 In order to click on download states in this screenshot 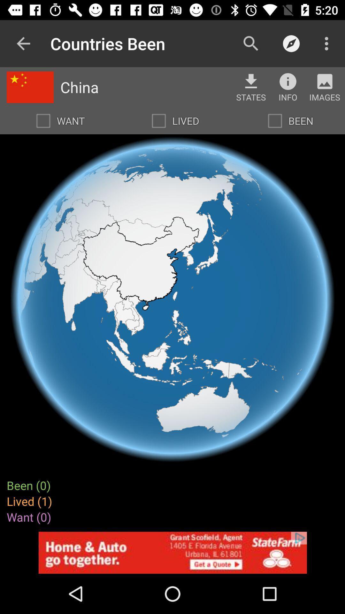, I will do `click(251, 81)`.